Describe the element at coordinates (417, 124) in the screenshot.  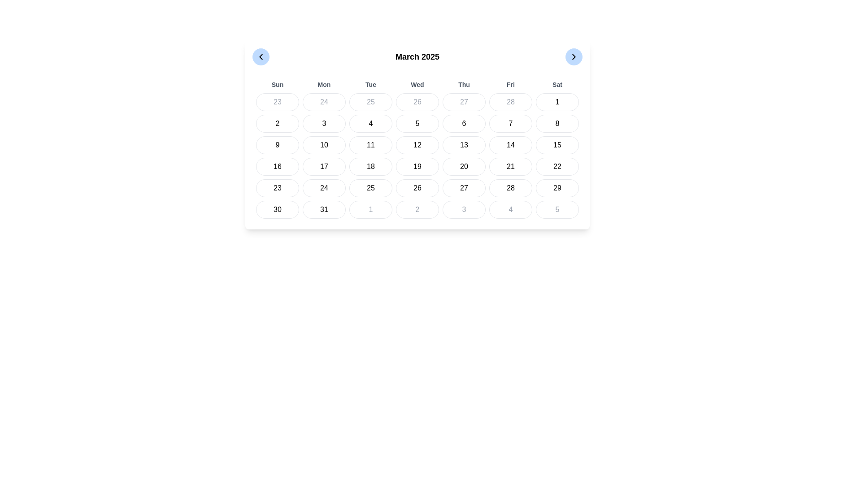
I see `the button representing the date '5' in the first week of March 2025 calendar` at that location.